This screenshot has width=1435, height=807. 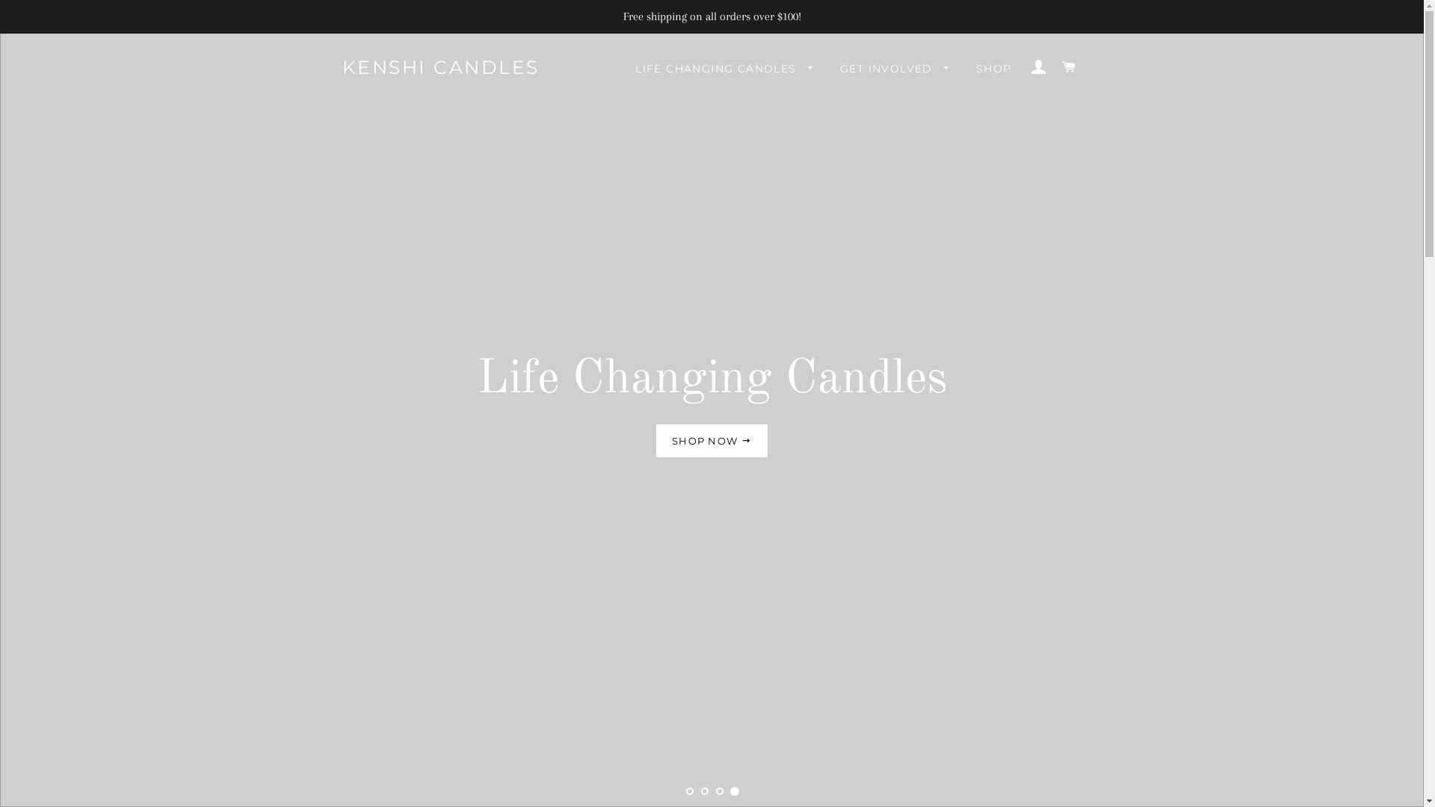 What do you see at coordinates (711, 16) in the screenshot?
I see `'Free shipping on all orders over $100!'` at bounding box center [711, 16].